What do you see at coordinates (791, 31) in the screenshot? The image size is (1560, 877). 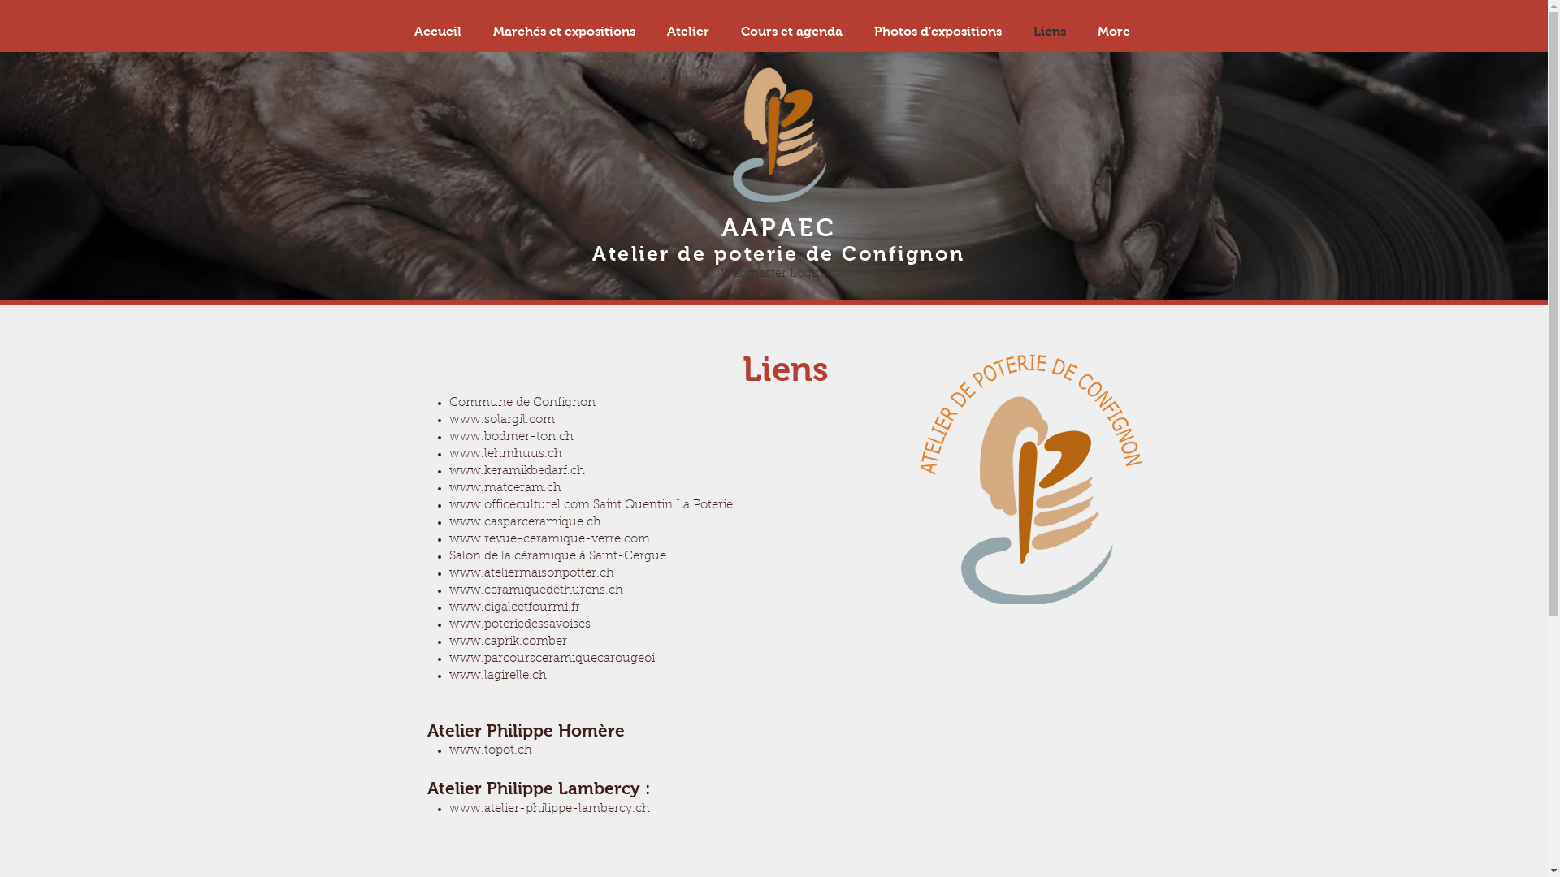 I see `'Cours et agenda'` at bounding box center [791, 31].